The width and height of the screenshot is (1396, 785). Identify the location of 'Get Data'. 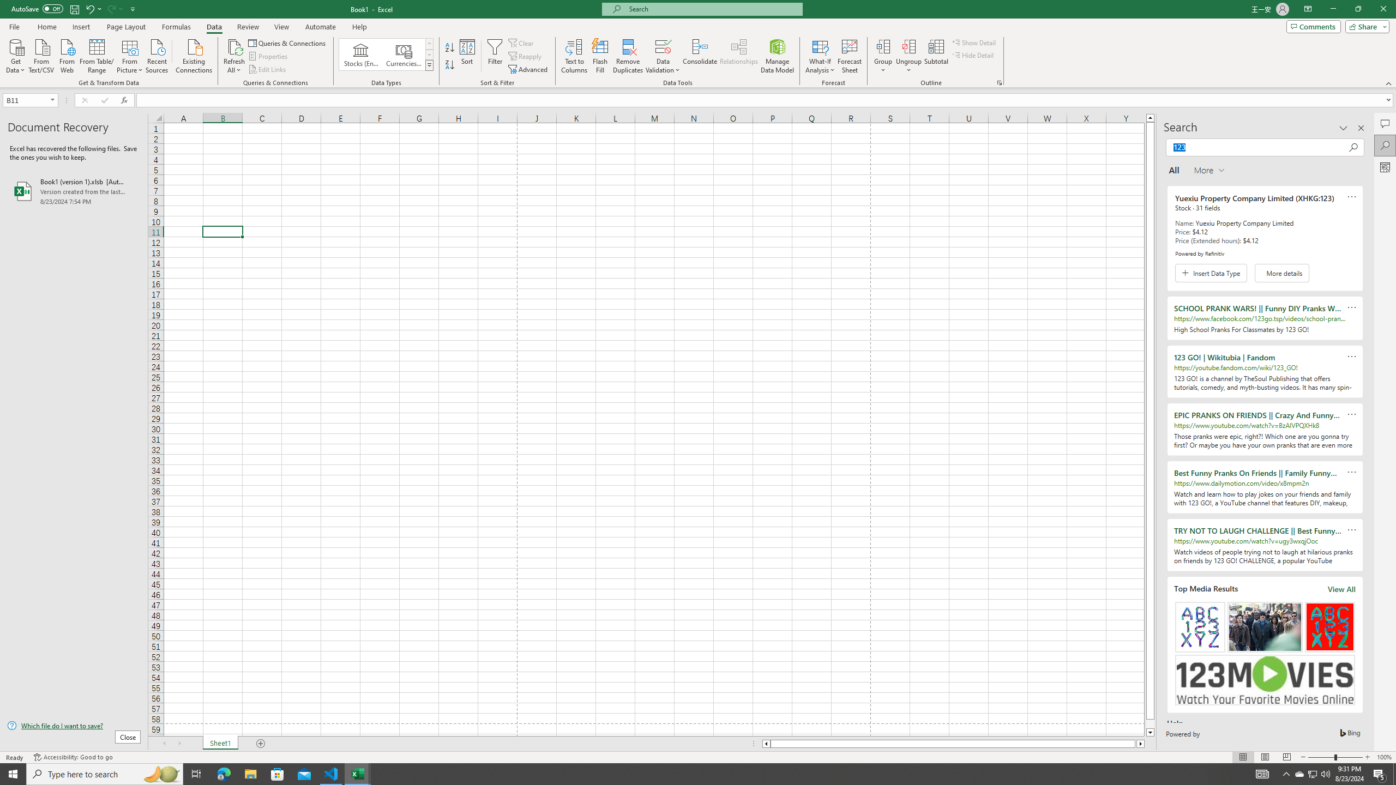
(15, 55).